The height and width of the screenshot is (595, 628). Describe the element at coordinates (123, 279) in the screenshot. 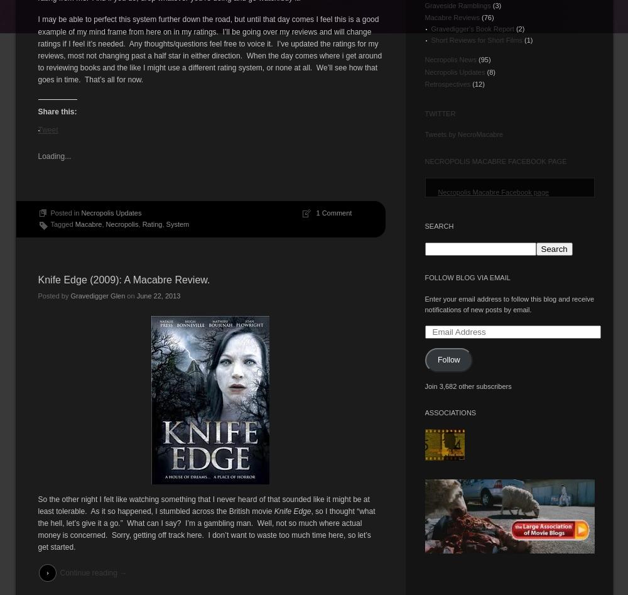

I see `'Knife Edge (2009): A Macabre Review.'` at that location.